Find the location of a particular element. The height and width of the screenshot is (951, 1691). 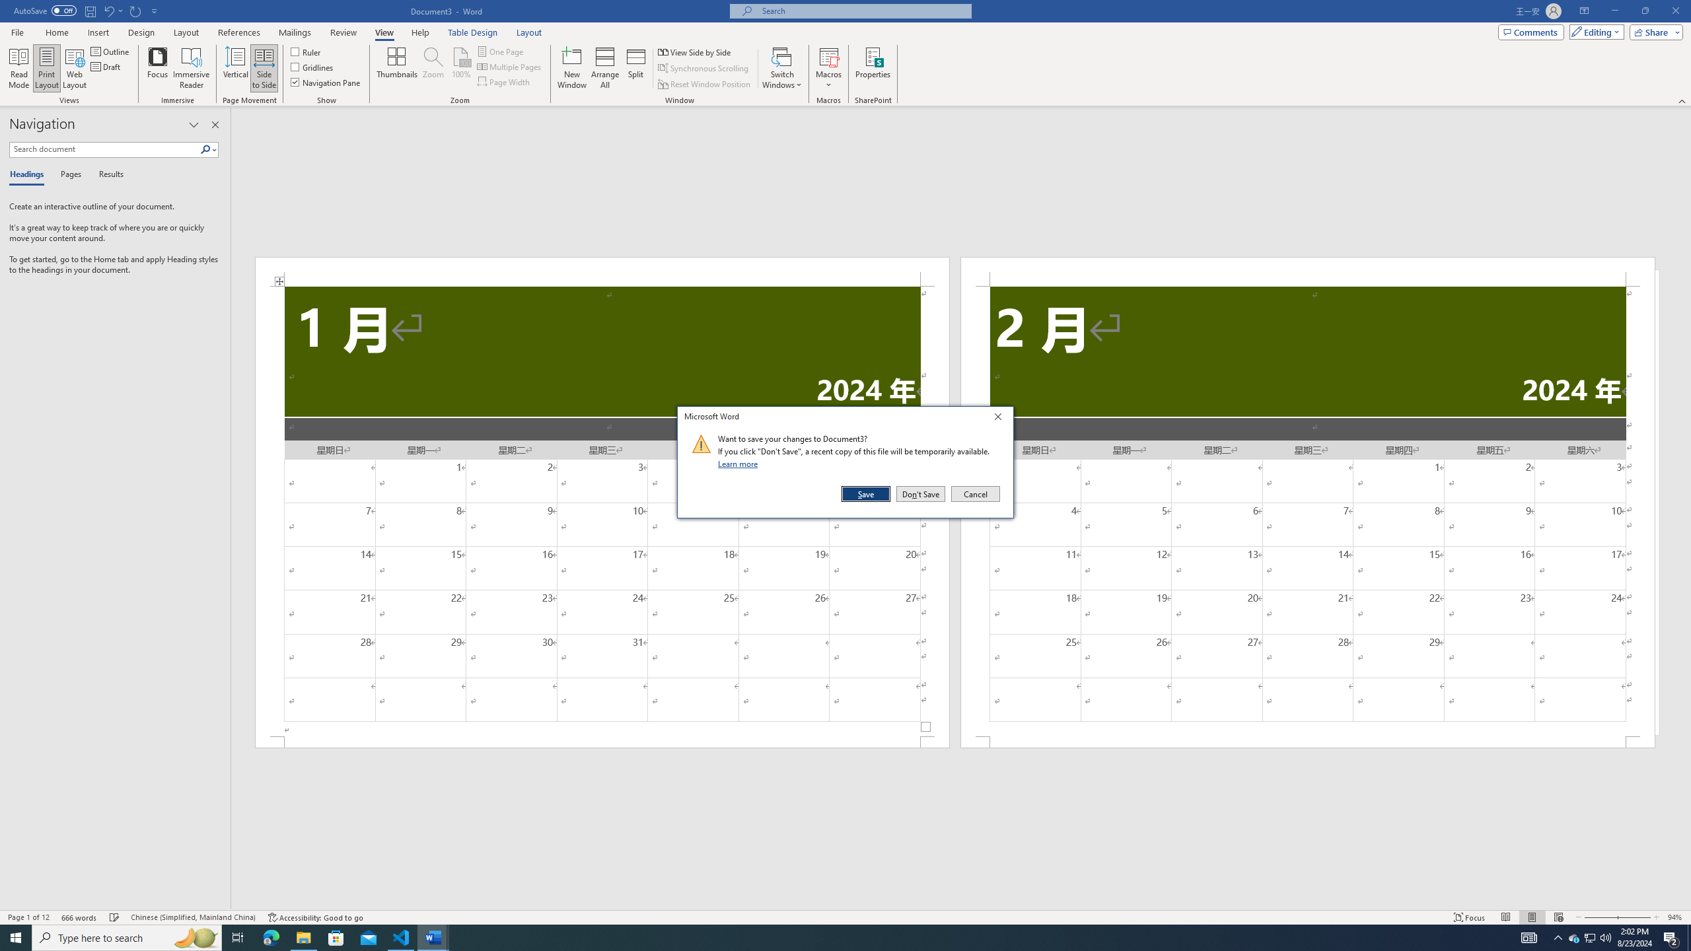

'Undo Increase Indent' is located at coordinates (112, 10).